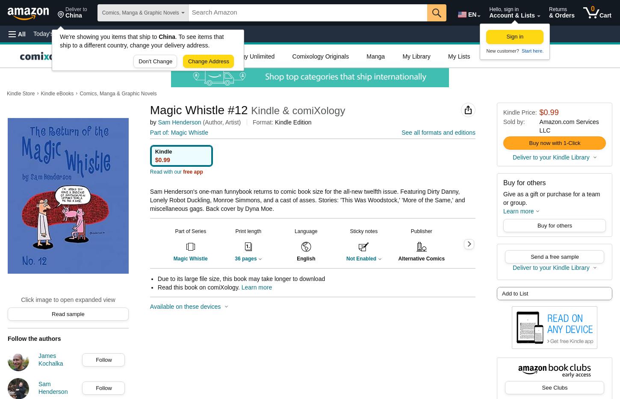 Image resolution: width=620 pixels, height=399 pixels. I want to click on 'Comixology Unlimited', so click(245, 56).